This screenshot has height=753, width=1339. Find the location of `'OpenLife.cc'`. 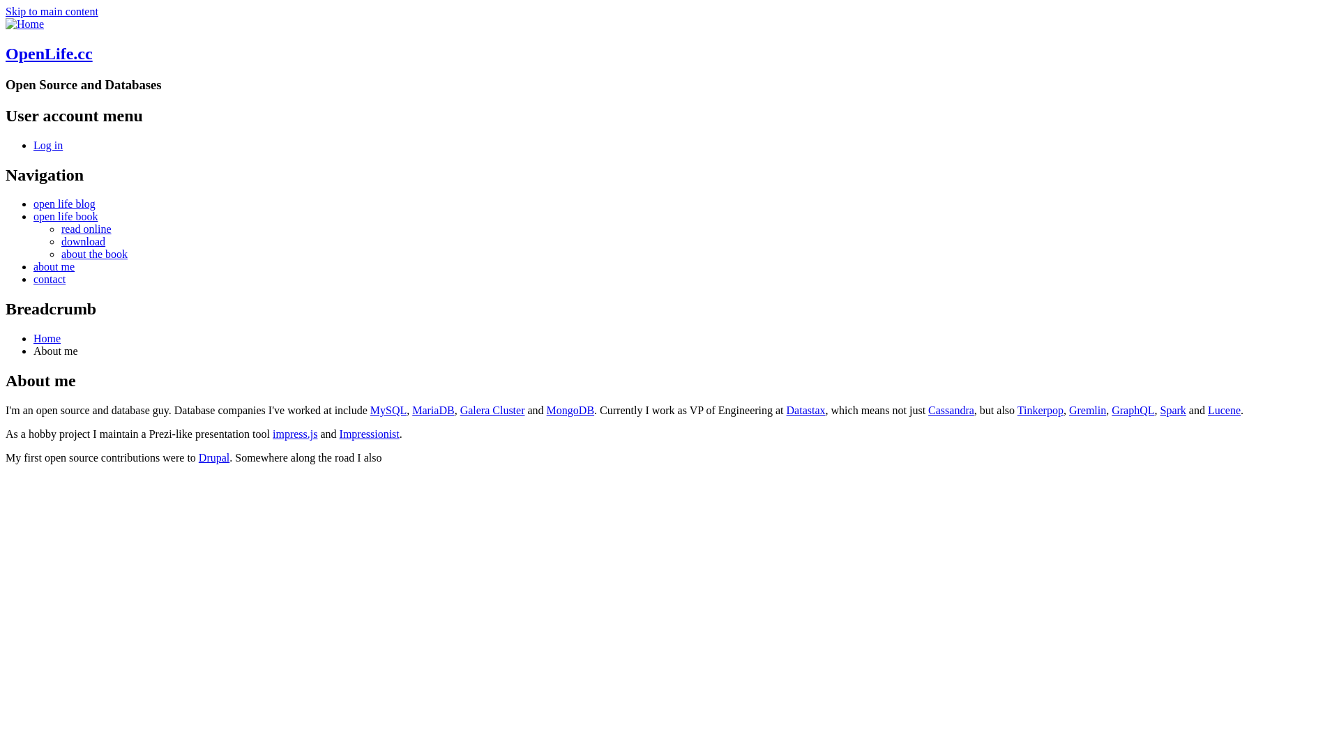

'OpenLife.cc' is located at coordinates (6, 53).